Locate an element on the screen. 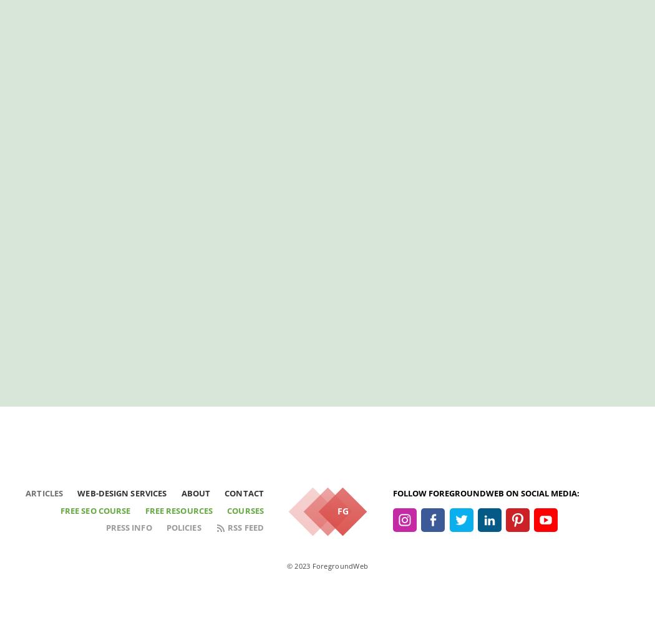 Image resolution: width=655 pixels, height=623 pixels. 'Courses' is located at coordinates (245, 510).